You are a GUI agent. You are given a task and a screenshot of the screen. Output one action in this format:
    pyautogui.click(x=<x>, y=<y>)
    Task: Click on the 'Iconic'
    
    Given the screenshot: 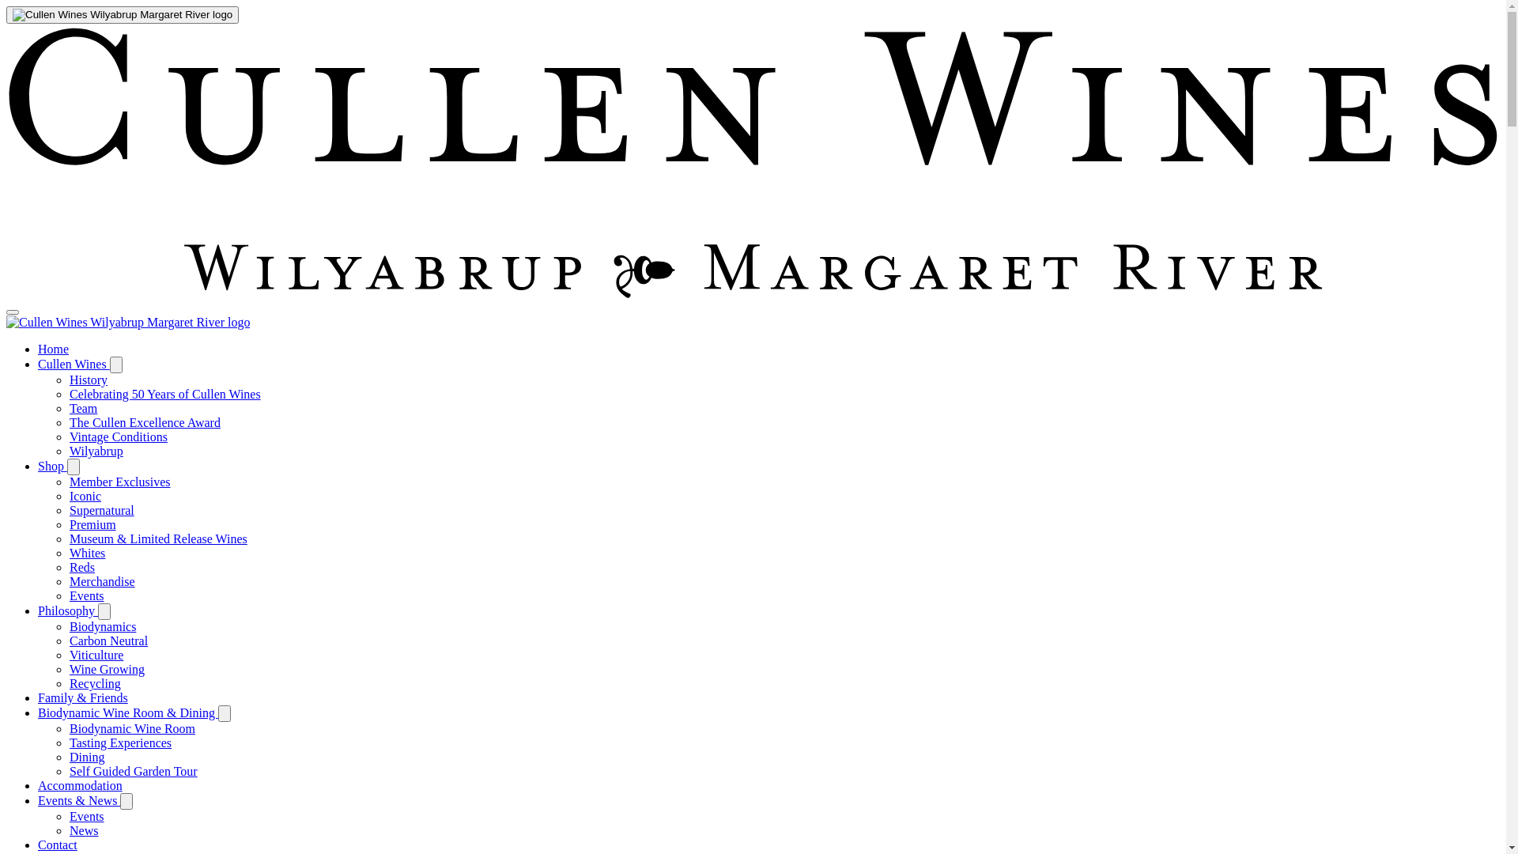 What is the action you would take?
    pyautogui.click(x=84, y=495)
    